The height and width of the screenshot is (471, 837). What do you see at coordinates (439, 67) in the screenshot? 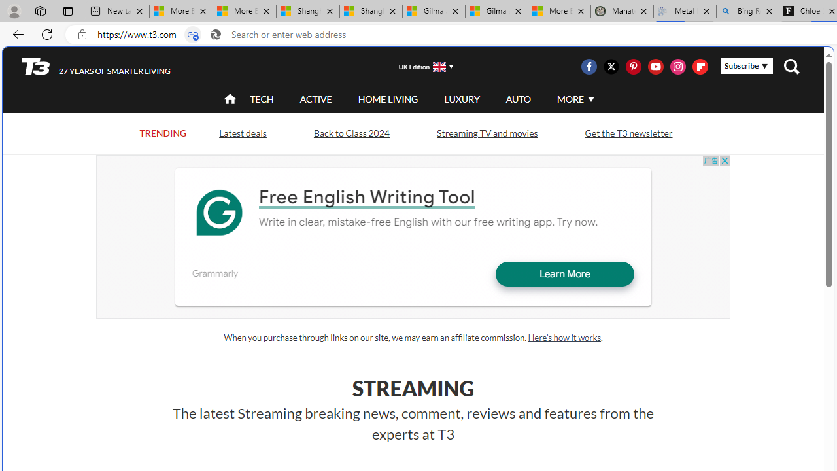
I see `'flag of UK'` at bounding box center [439, 67].